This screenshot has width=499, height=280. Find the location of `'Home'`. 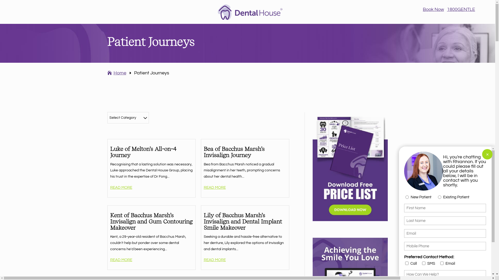

'Home' is located at coordinates (107, 73).